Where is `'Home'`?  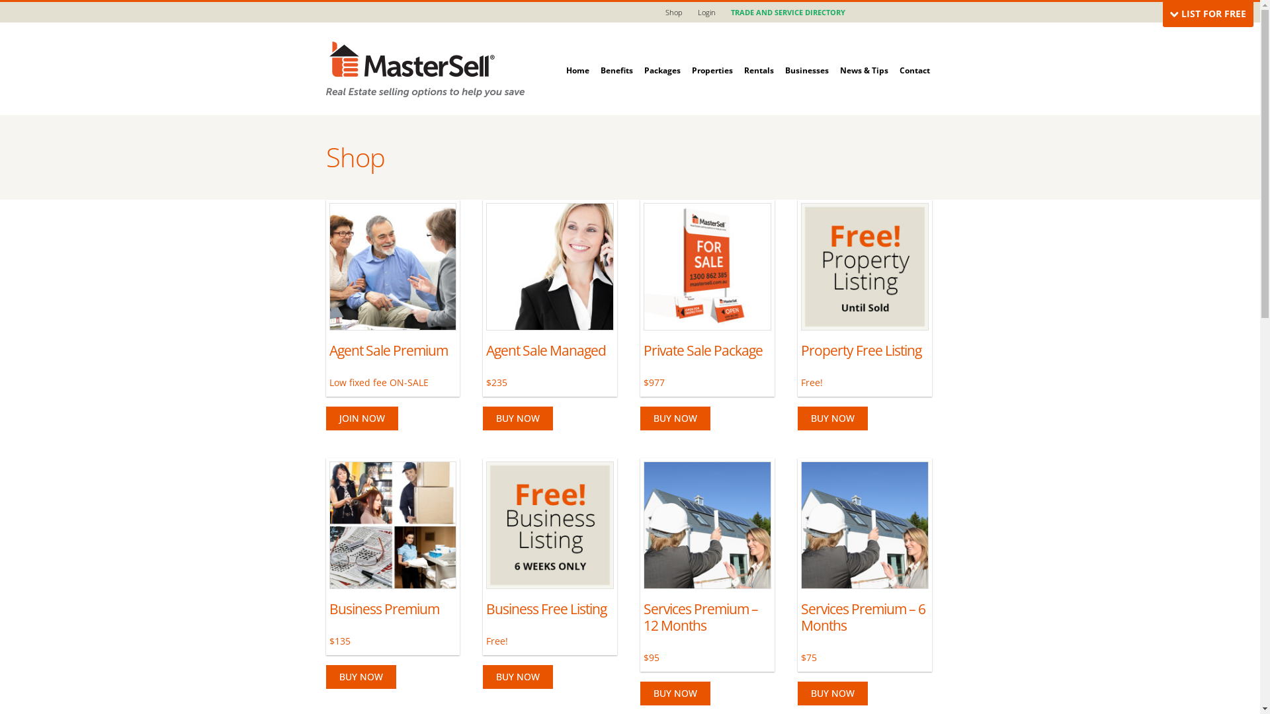
'Home' is located at coordinates (566, 56).